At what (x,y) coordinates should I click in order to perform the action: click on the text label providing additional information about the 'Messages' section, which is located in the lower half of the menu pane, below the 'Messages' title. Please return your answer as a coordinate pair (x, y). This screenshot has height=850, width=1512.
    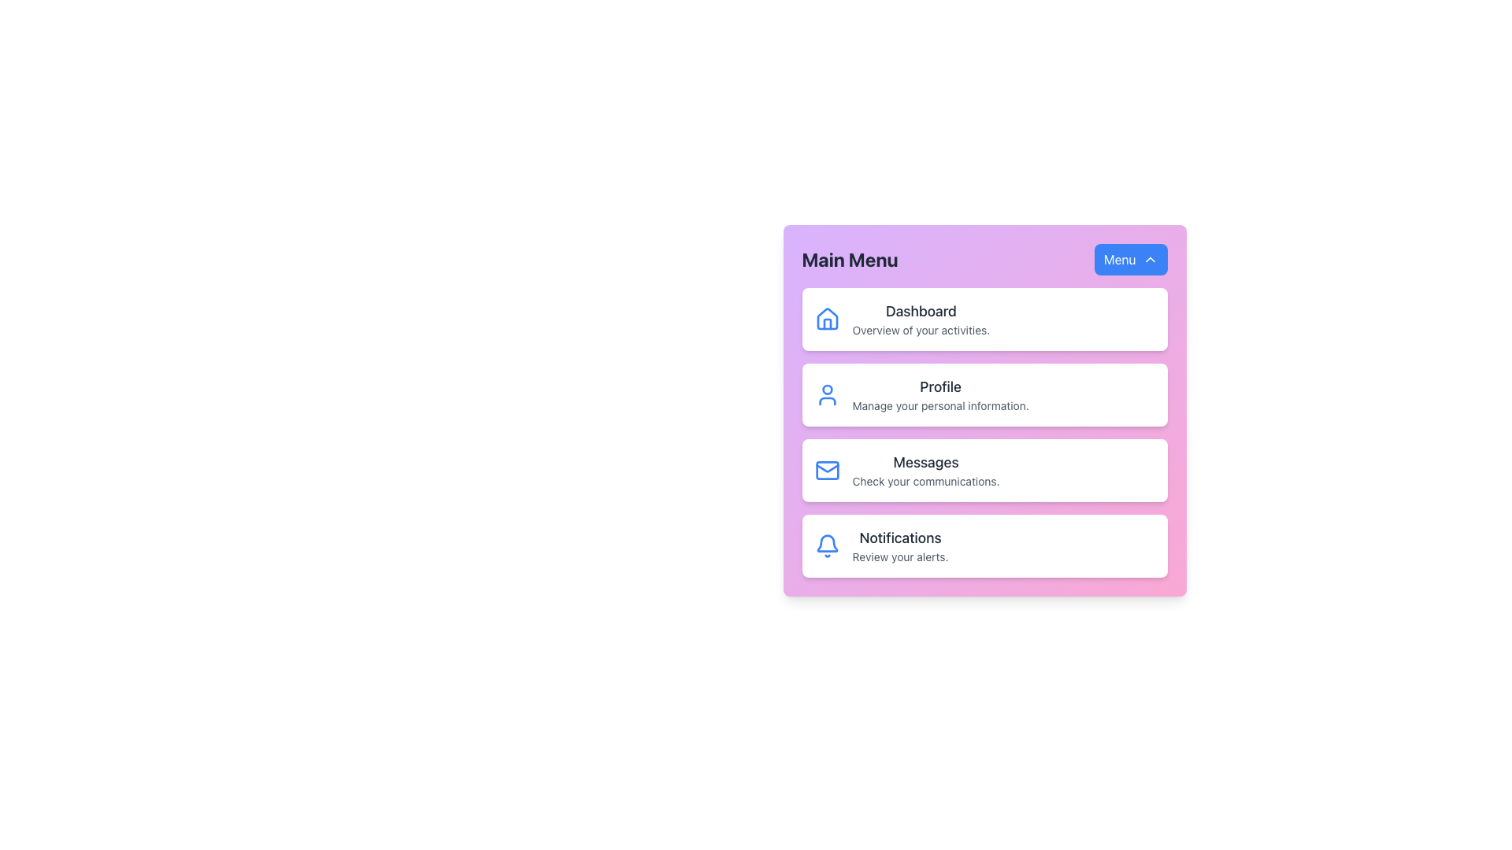
    Looking at the image, I should click on (926, 481).